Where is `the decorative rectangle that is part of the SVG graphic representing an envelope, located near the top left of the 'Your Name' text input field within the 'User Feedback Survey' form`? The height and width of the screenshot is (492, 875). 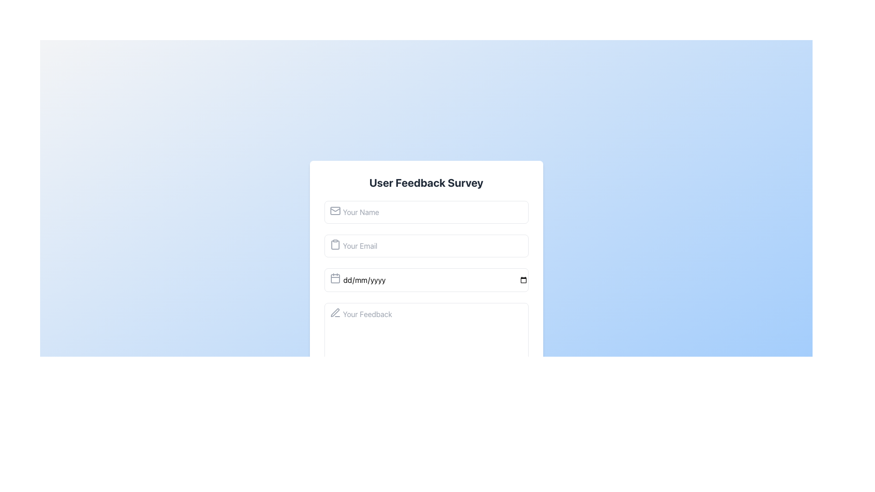
the decorative rectangle that is part of the SVG graphic representing an envelope, located near the top left of the 'Your Name' text input field within the 'User Feedback Survey' form is located at coordinates (335, 210).